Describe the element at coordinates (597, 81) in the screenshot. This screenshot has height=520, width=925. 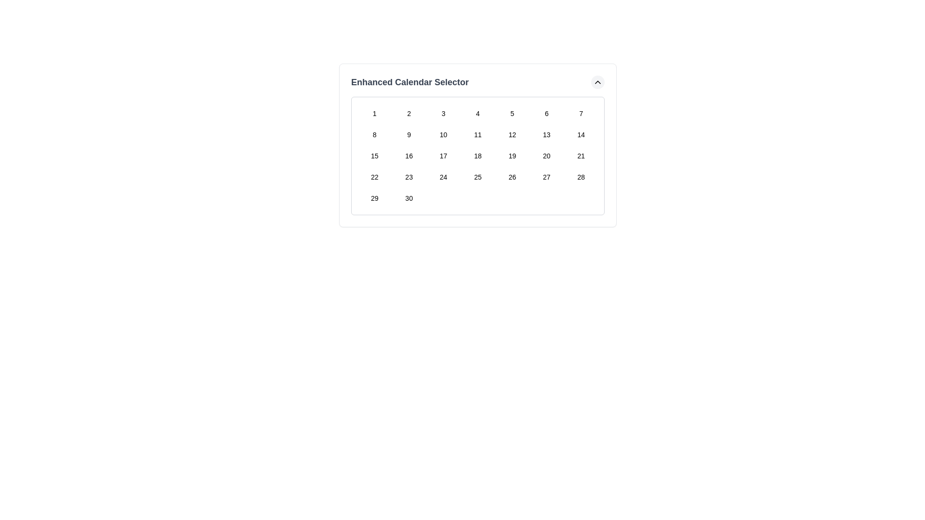
I see `the button located at the top-right corner of the 'Enhanced Calendar Selector'` at that location.